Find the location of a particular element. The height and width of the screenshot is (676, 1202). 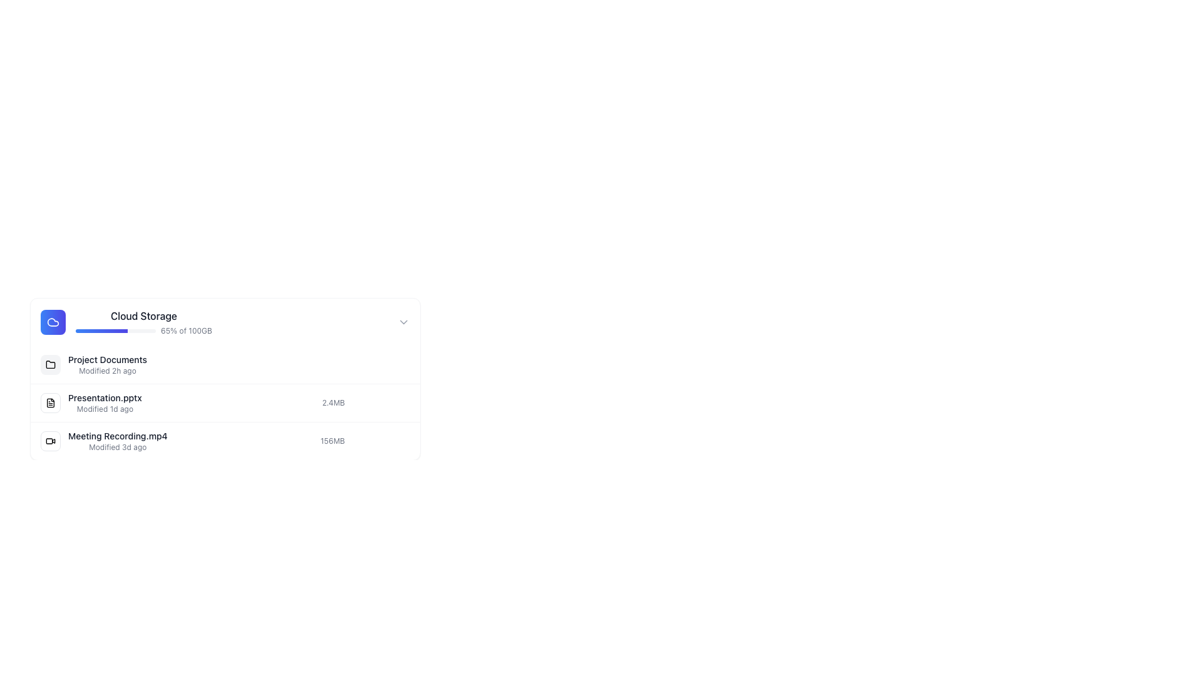

the button for user-related actions, positioned is located at coordinates (362, 441).